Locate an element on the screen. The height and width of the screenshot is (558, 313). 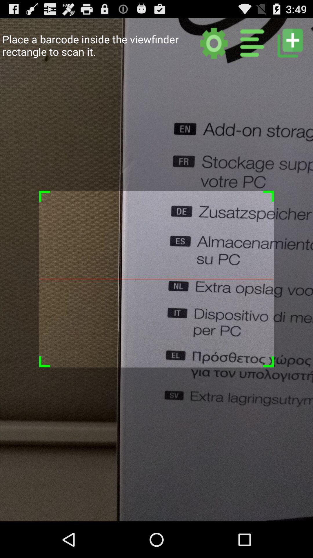
the item to the right of place a barcode item is located at coordinates (214, 43).